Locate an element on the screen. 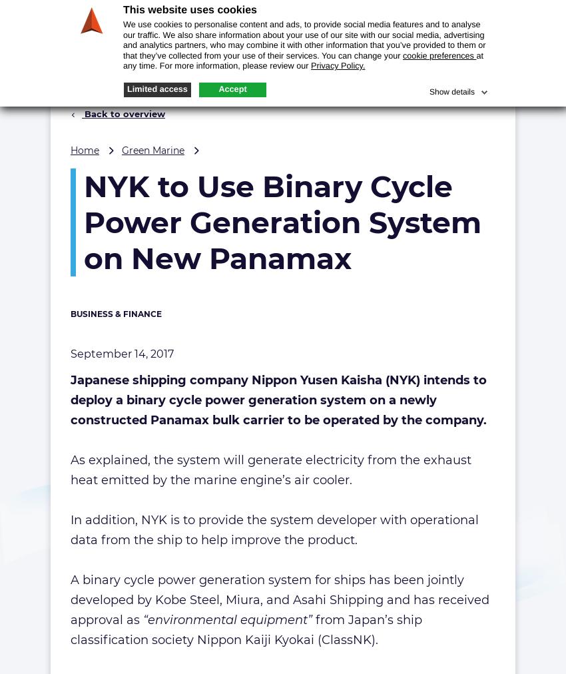  'We use cookies to personalise content and ads, to provide social media features and to analyse our traffic. We also share information about your use of our site with our social media, advertising and analytics partners, who may combine it with other information that you’ve provided to them or that they’ve collected from your use of their services. You can change your' is located at coordinates (122, 39).